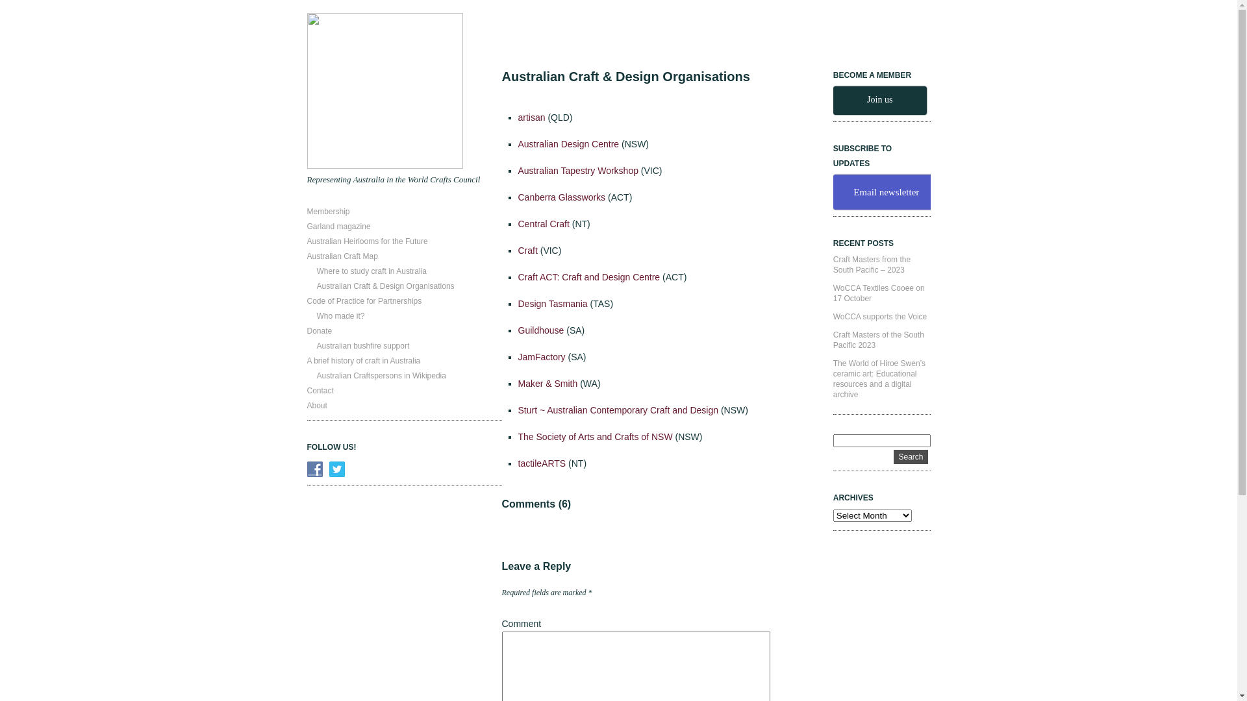  I want to click on 'A brief history of craft in Australia', so click(363, 360).